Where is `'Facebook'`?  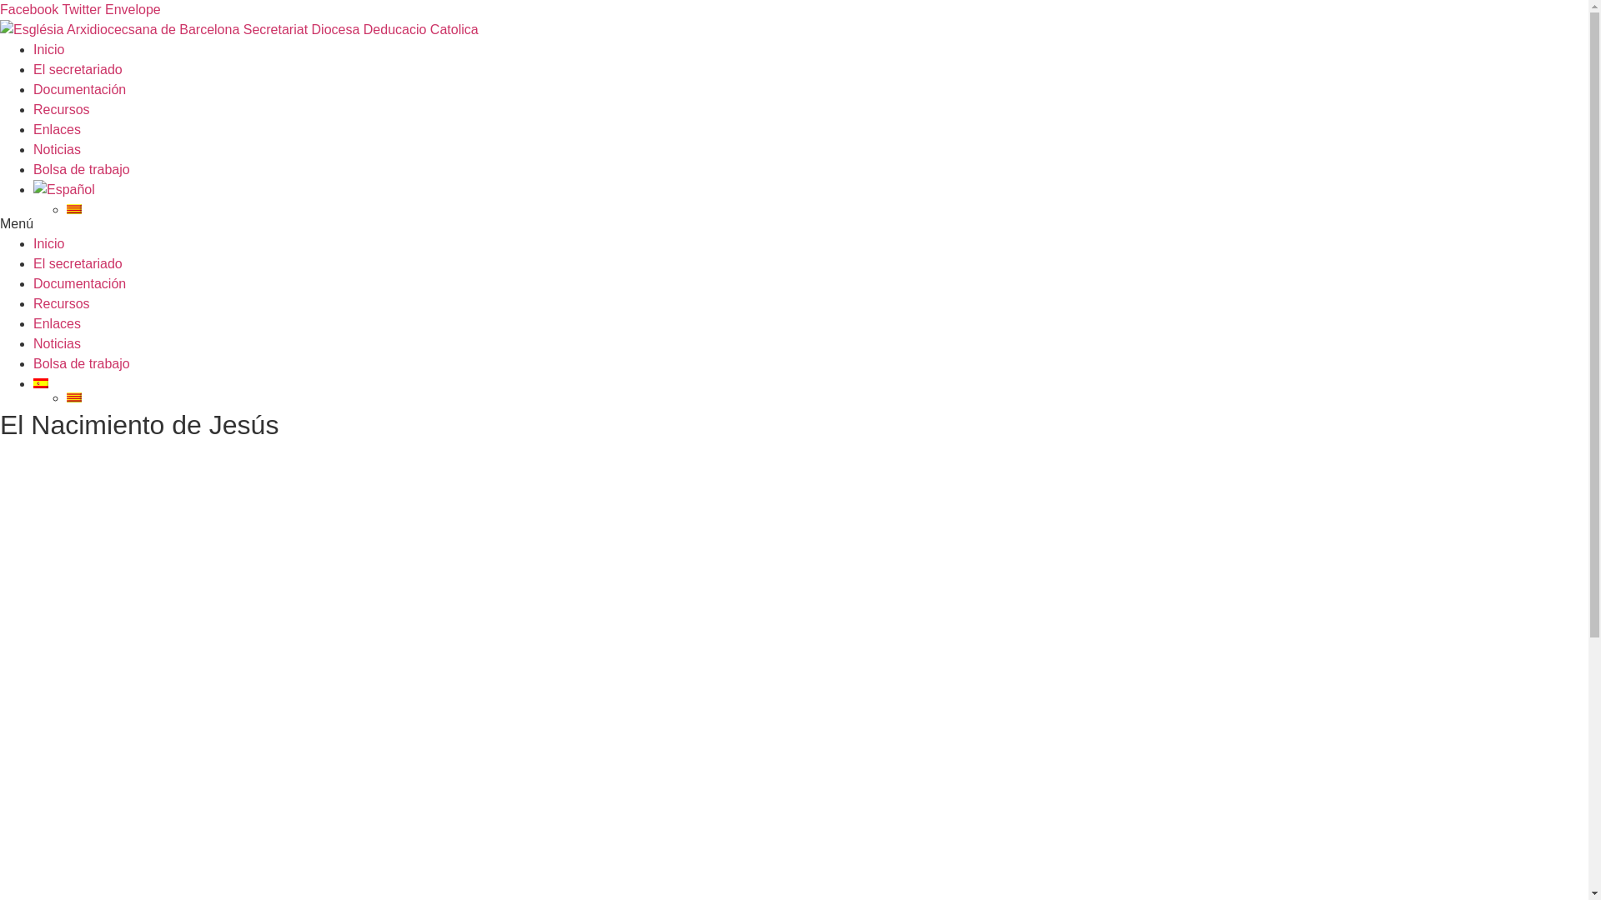
'Facebook' is located at coordinates (31, 9).